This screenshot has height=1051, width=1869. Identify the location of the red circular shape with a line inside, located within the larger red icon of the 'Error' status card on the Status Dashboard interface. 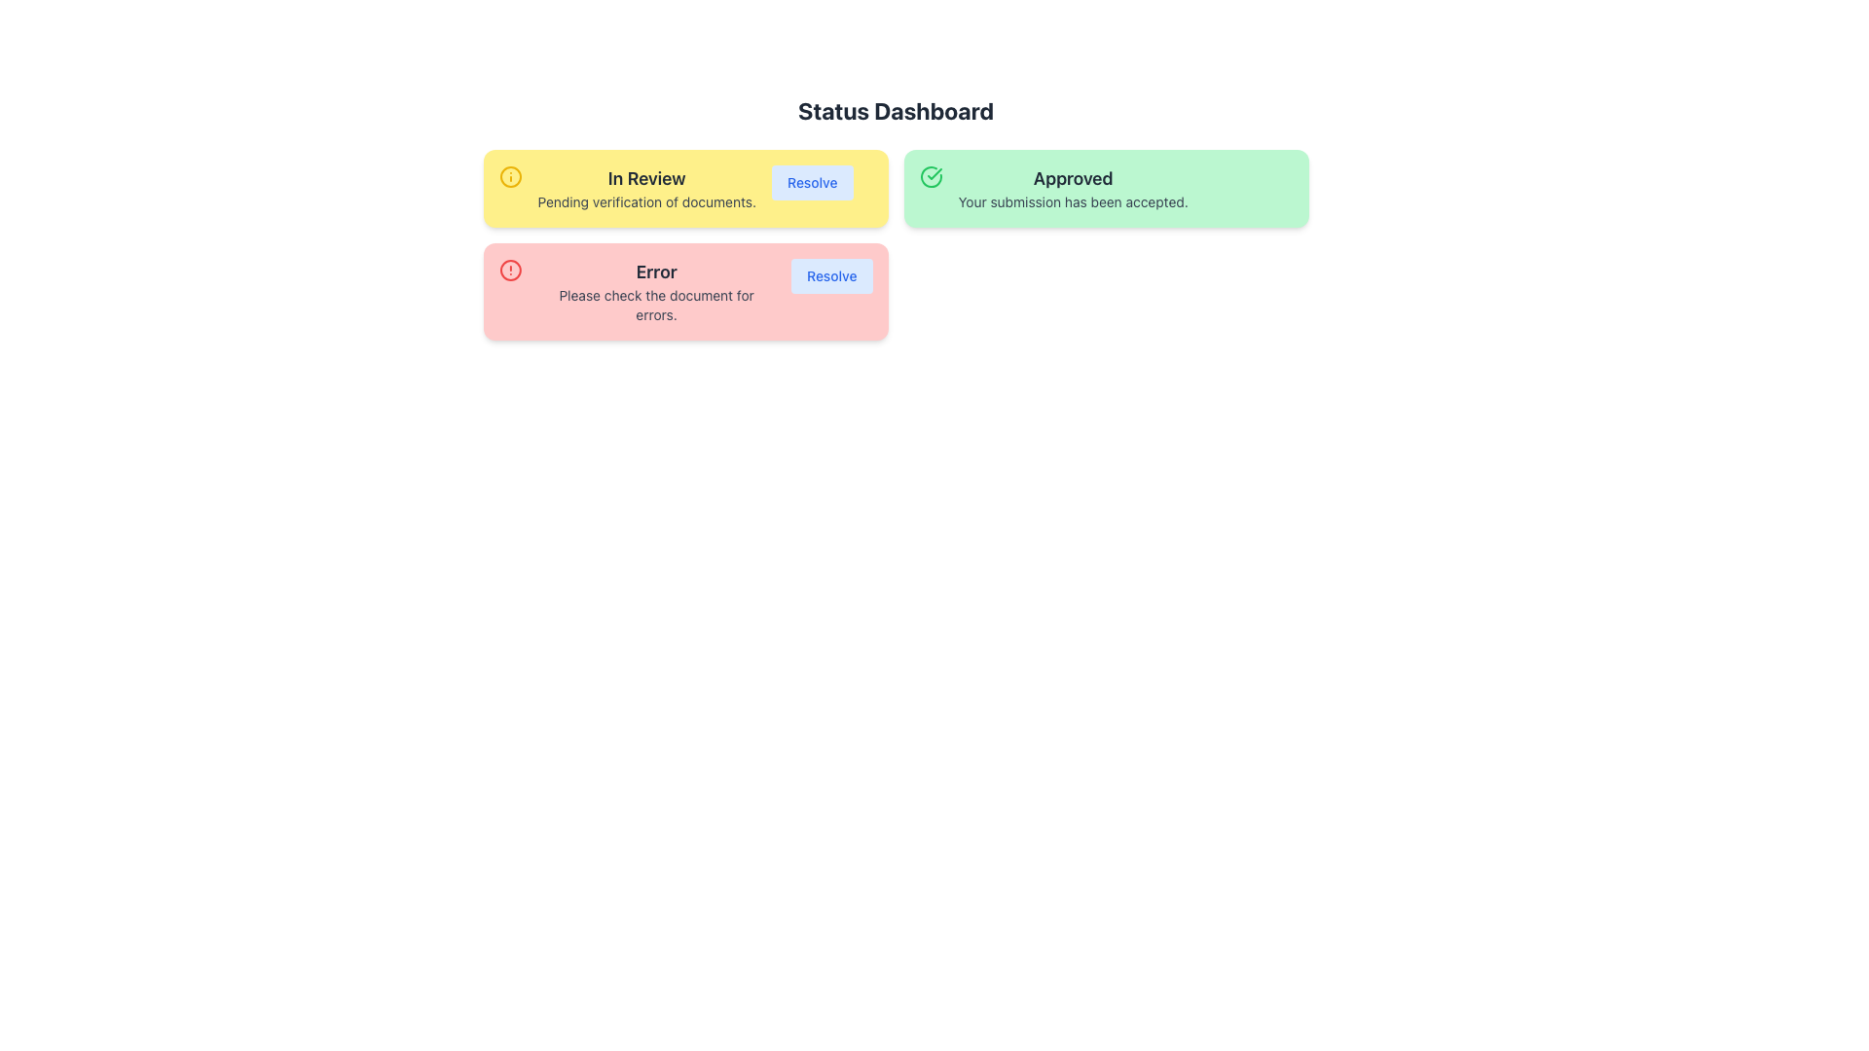
(510, 270).